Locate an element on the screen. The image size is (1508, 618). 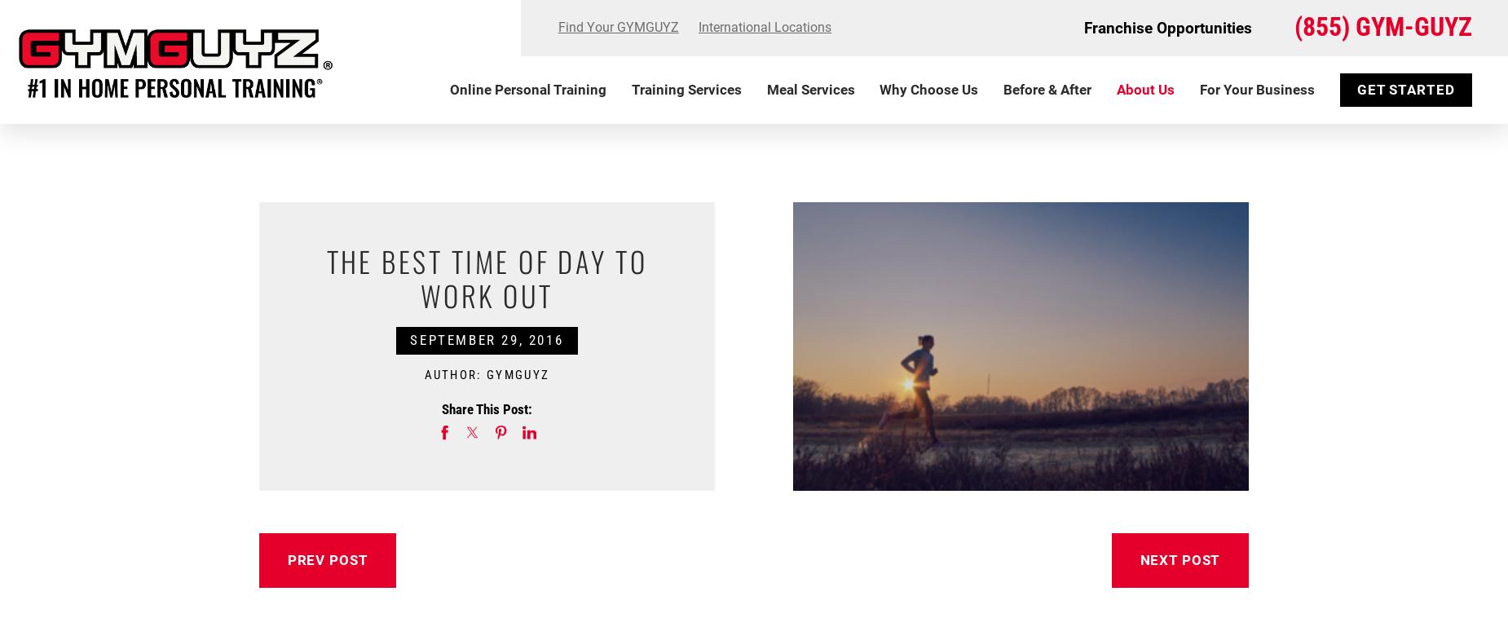
'Group Training' is located at coordinates (641, 195).